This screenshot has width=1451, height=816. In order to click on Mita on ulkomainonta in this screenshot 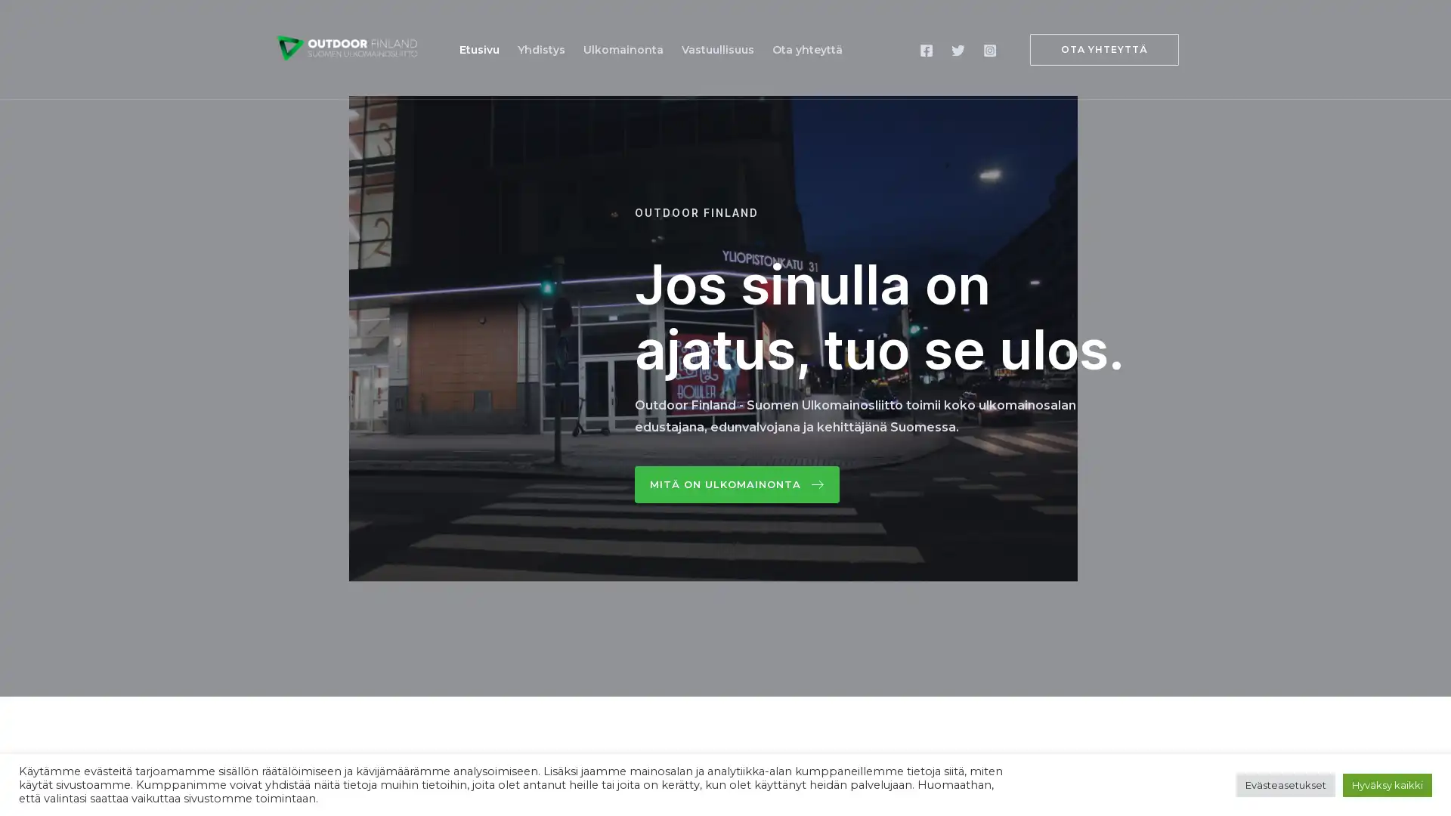, I will do `click(737, 484)`.